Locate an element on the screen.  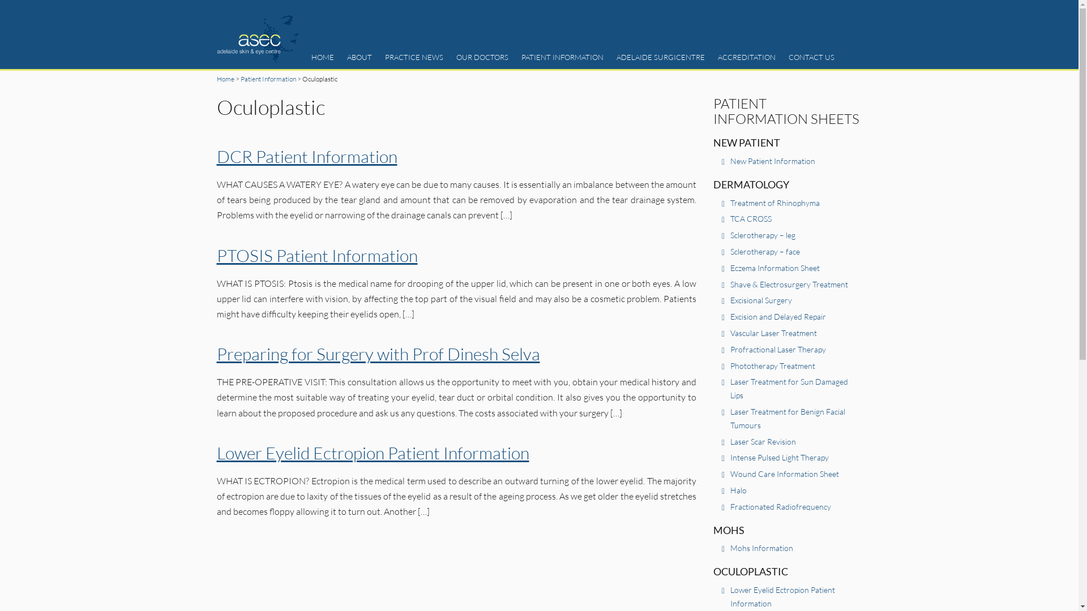
'Profractional Laser Therapy' is located at coordinates (730, 348).